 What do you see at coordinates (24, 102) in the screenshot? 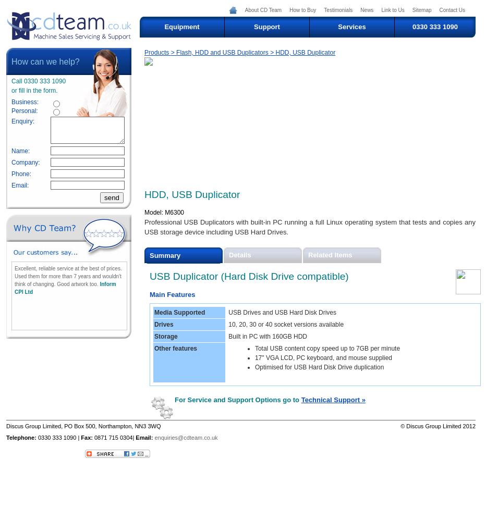
I see `'Business:'` at bounding box center [24, 102].